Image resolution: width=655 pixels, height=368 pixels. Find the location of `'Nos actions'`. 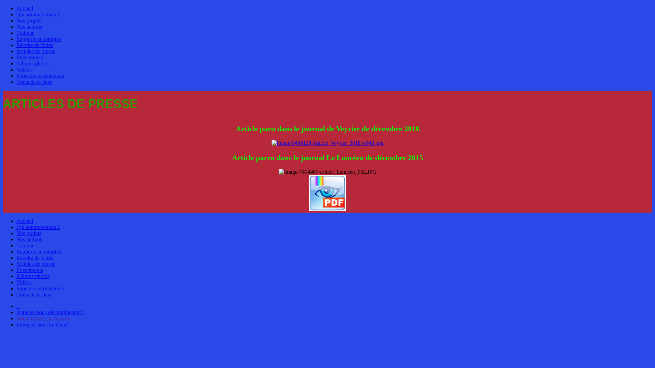

'Nos actions' is located at coordinates (29, 239).